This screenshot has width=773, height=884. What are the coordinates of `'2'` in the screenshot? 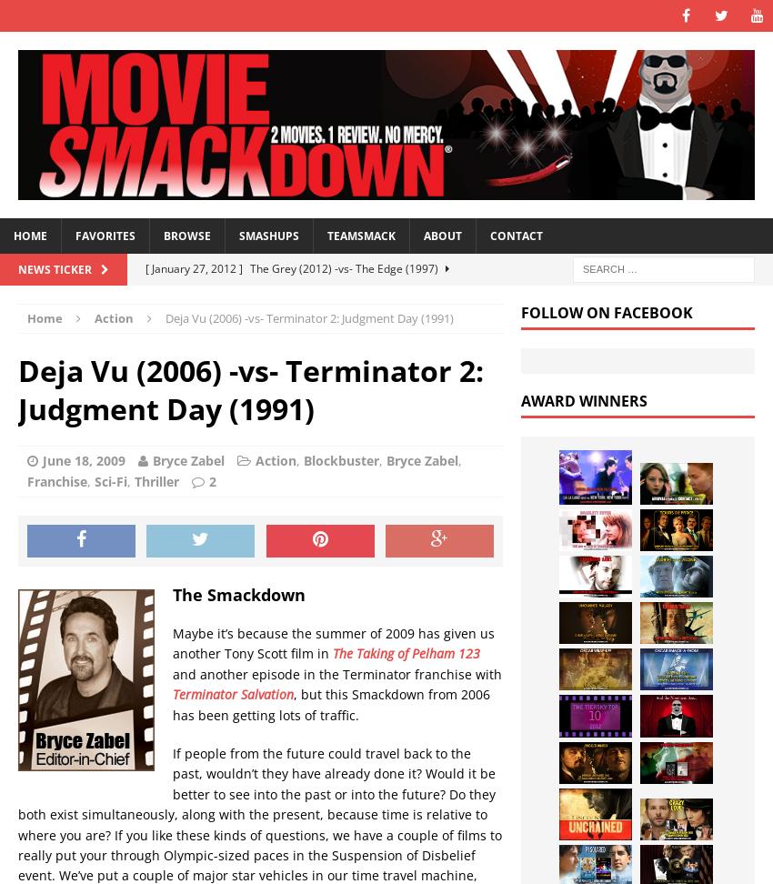 It's located at (213, 480).